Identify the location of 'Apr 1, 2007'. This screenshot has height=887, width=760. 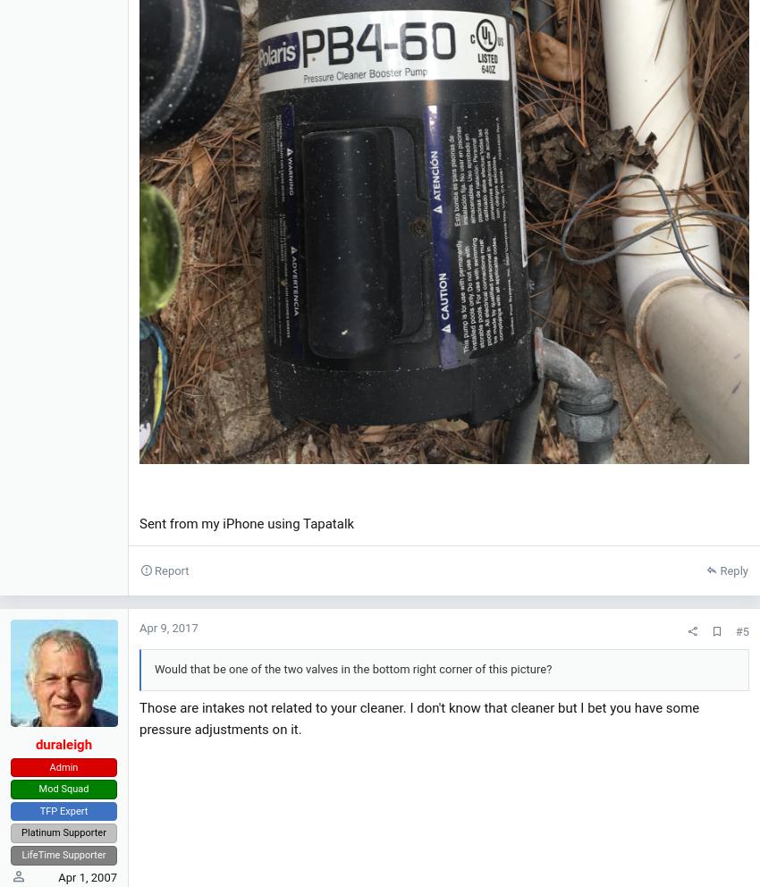
(87, 877).